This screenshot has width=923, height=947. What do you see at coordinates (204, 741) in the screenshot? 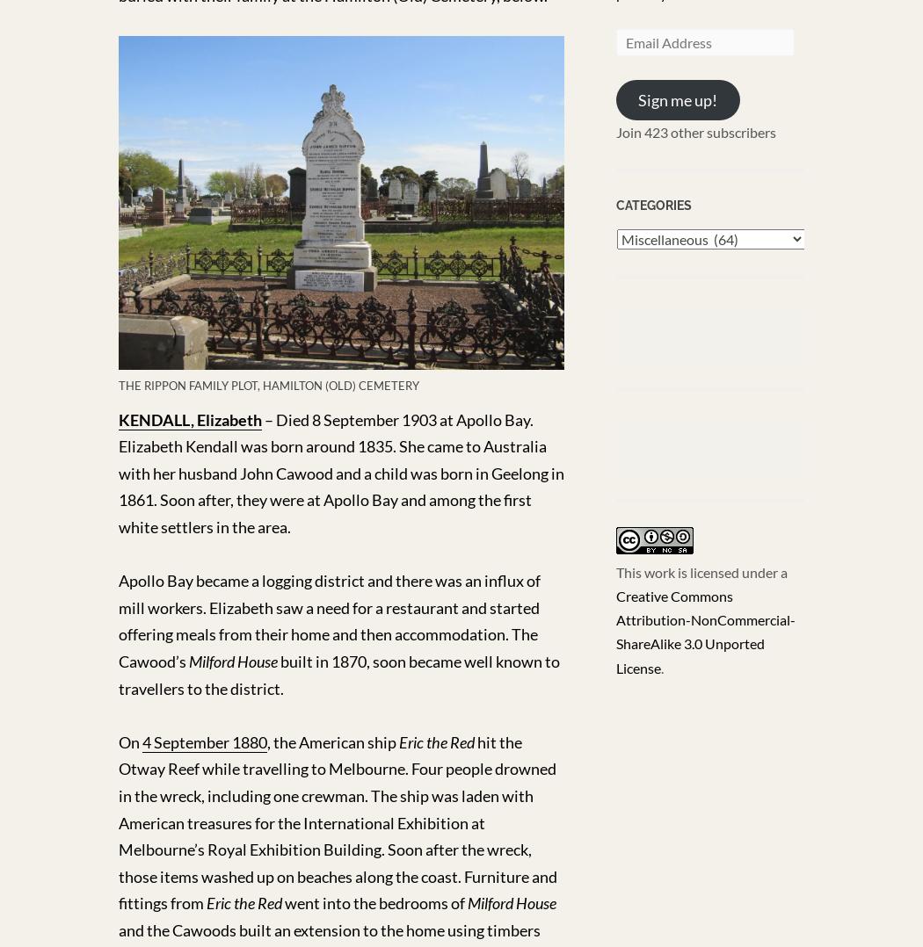
I see `'4 September 1880'` at bounding box center [204, 741].